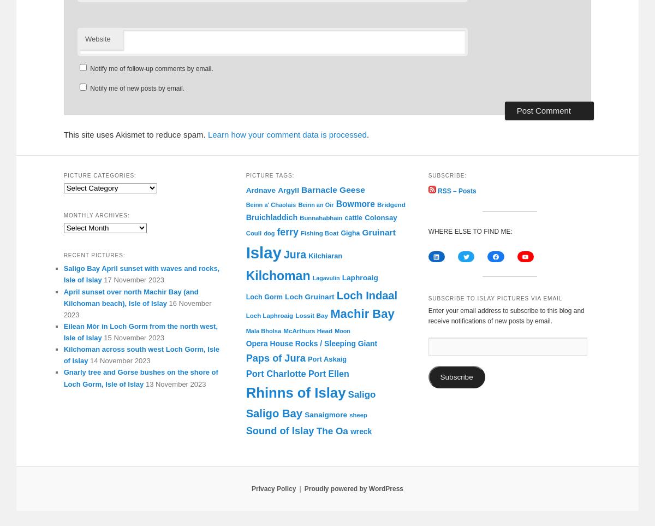  I want to click on 'Opera House Rocks / Sleeping Giant', so click(311, 343).